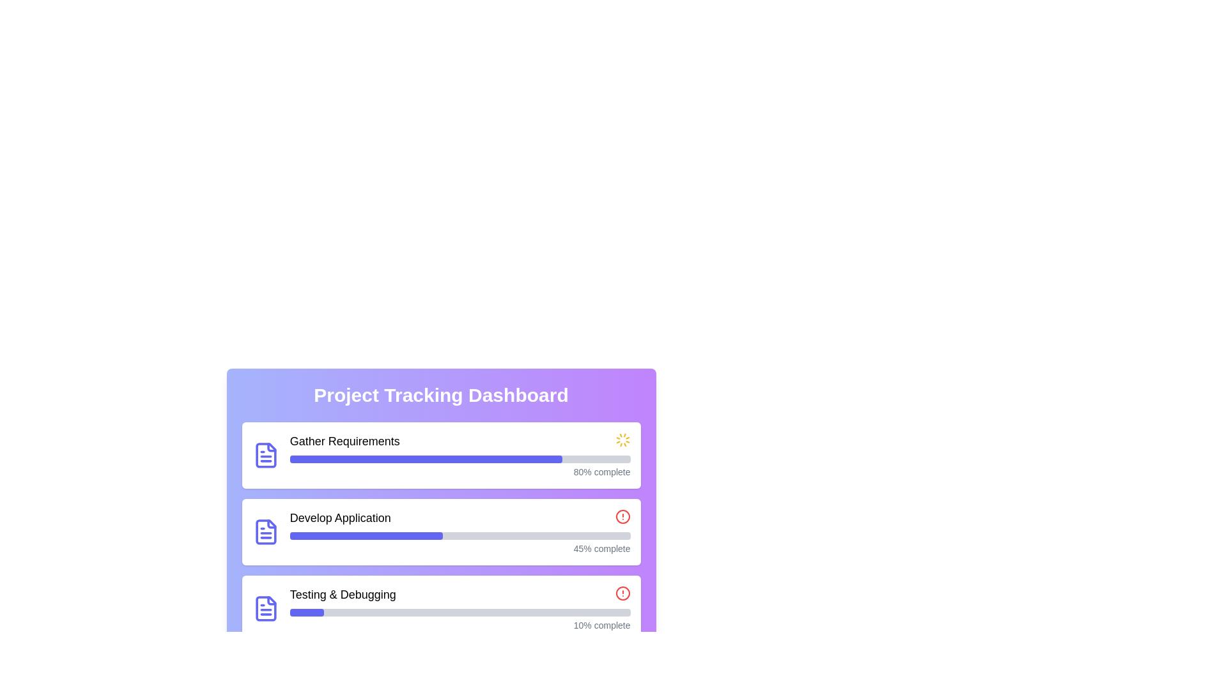 This screenshot has height=690, width=1227. What do you see at coordinates (265, 532) in the screenshot?
I see `the document file icon with a purple outline located in the second row of the vertical task progress list in the 'Project Tracking Dashboard'` at bounding box center [265, 532].